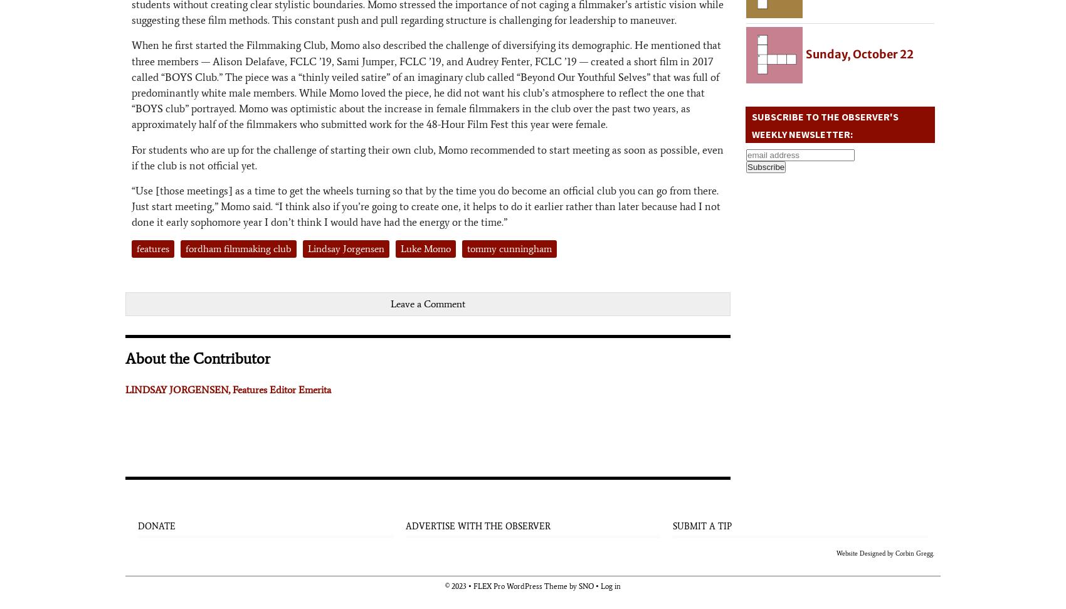 The width and height of the screenshot is (1066, 609). Describe the element at coordinates (459, 585) in the screenshot. I see `'© 2023  •'` at that location.